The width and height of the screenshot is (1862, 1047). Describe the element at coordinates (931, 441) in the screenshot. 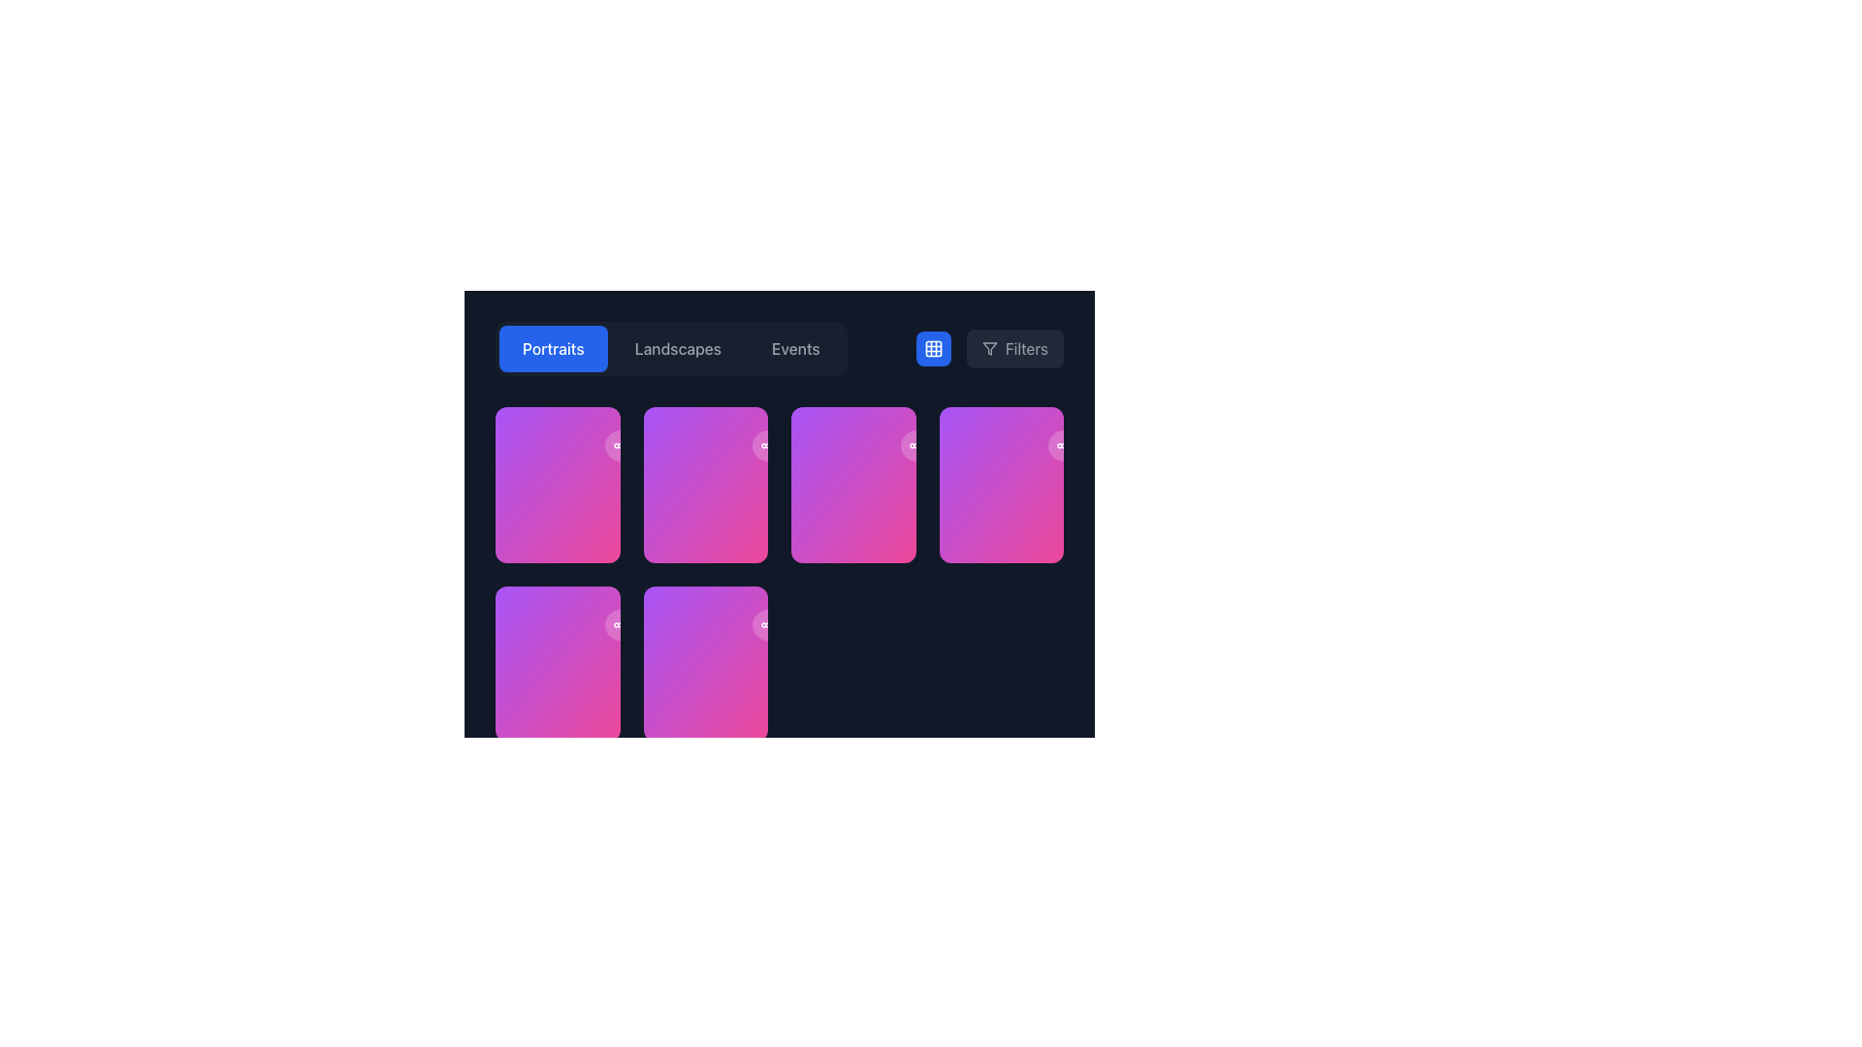

I see `the composite element containing the share and bookmark buttons located at the top-right corner of the card in the second row of the grid layout` at that location.